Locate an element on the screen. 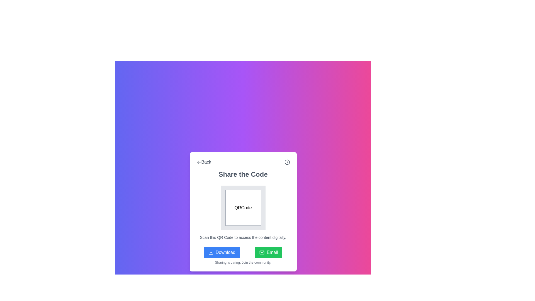  the blue 'Download' button with white text and a download icon, located in the bottom row of the modal dialog is located at coordinates (222, 253).